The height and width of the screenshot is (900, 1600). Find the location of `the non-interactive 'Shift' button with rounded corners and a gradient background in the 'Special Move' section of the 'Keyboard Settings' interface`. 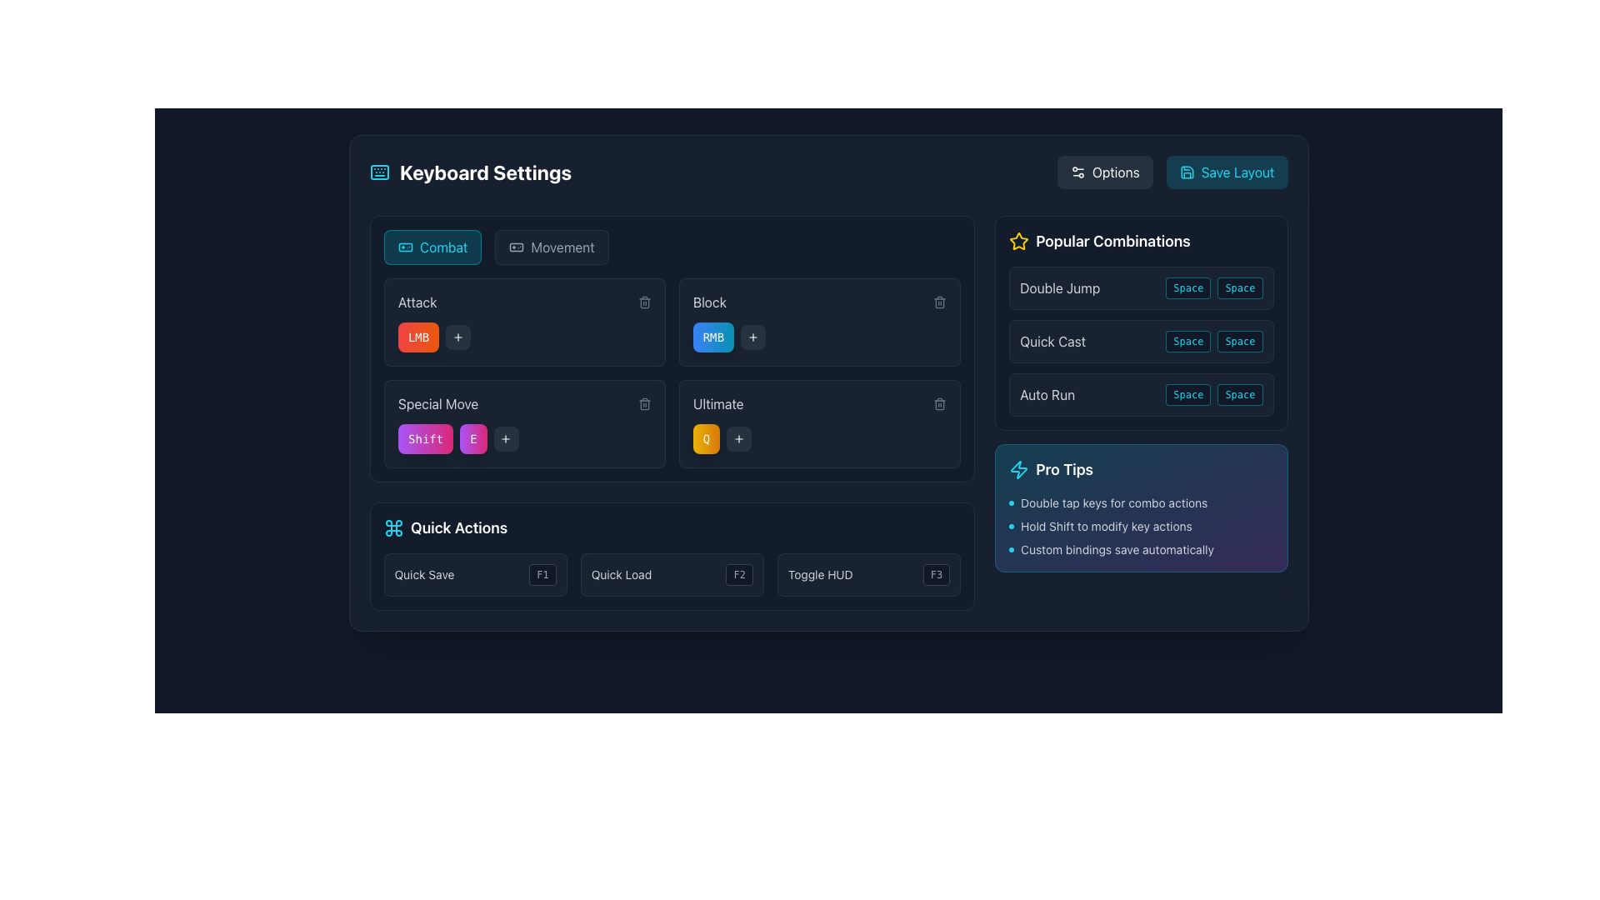

the non-interactive 'Shift' button with rounded corners and a gradient background in the 'Special Move' section of the 'Keyboard Settings' interface is located at coordinates (425, 438).